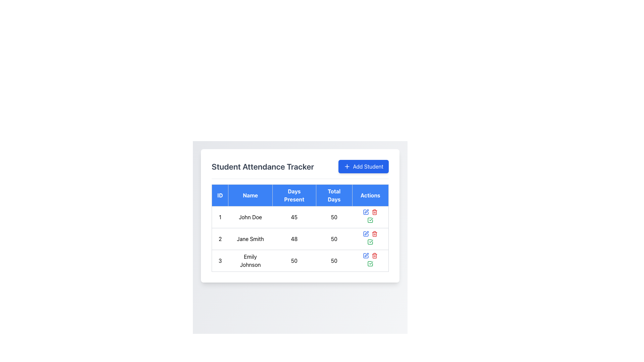  Describe the element at coordinates (370, 263) in the screenshot. I see `the Decorative Icon located within the SVG in the Actions column of the third row in a table` at that location.